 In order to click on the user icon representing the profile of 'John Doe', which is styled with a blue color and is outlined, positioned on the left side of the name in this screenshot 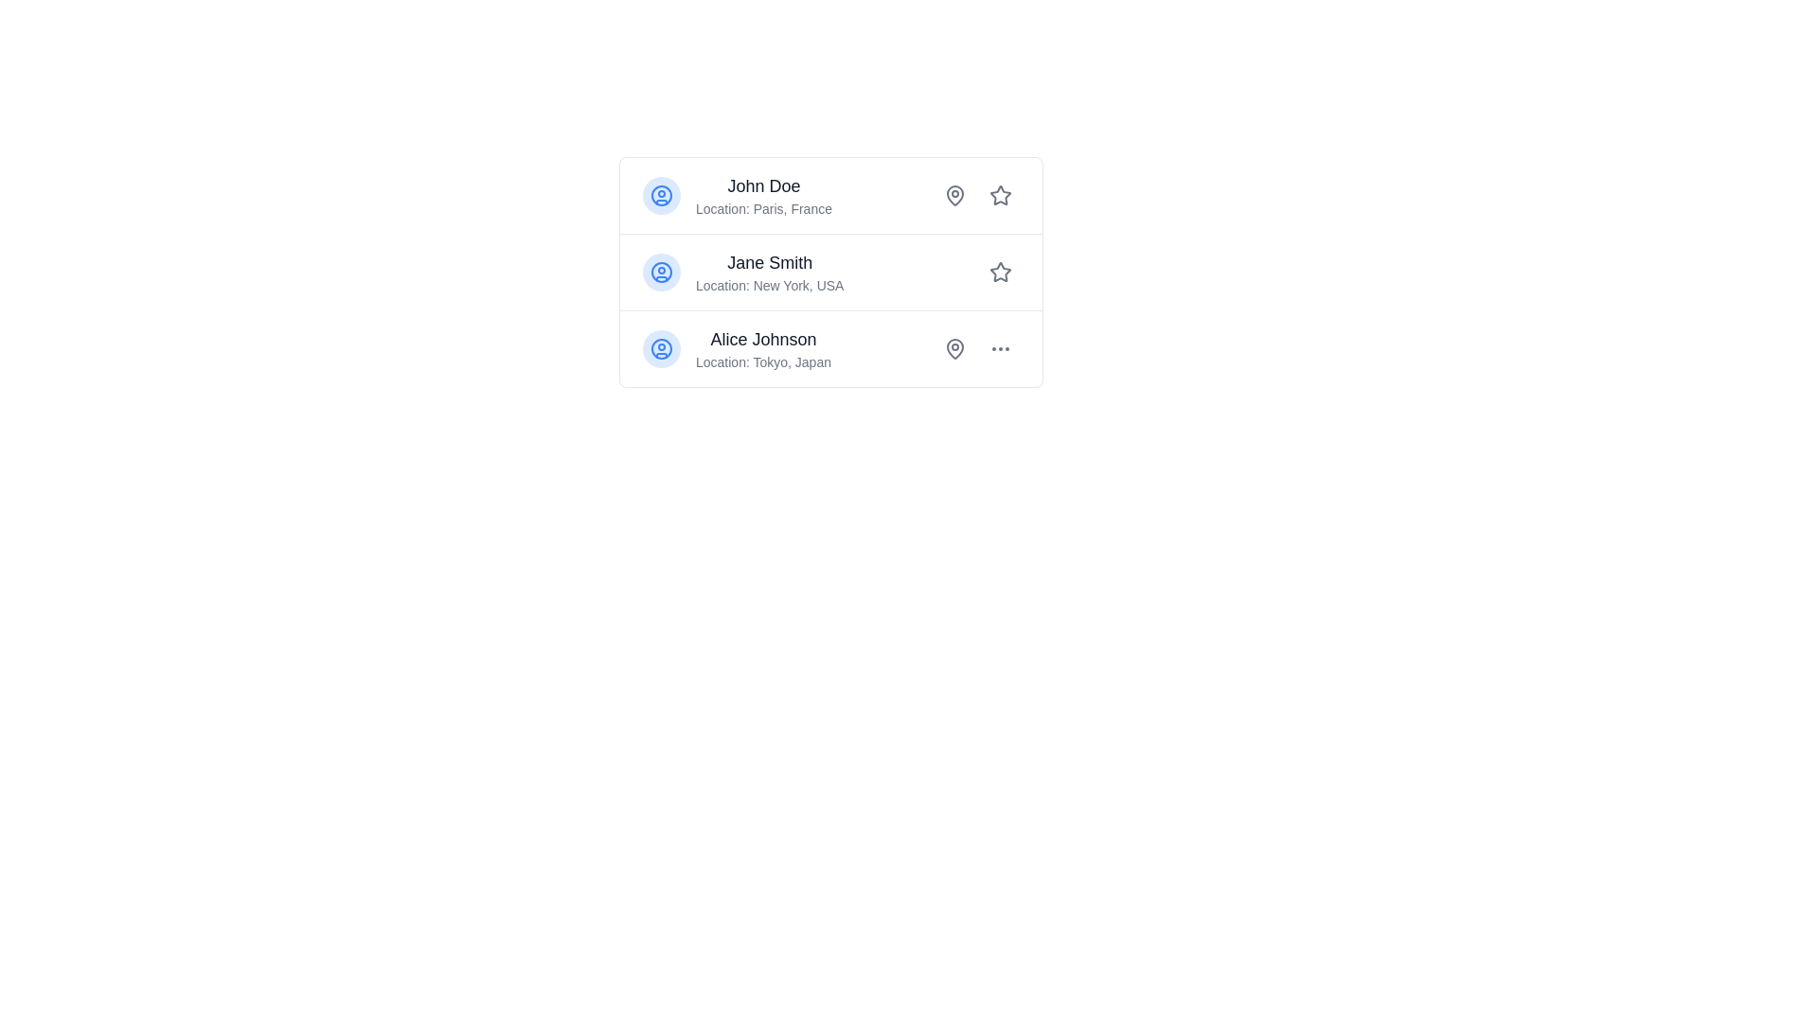, I will do `click(662, 196)`.